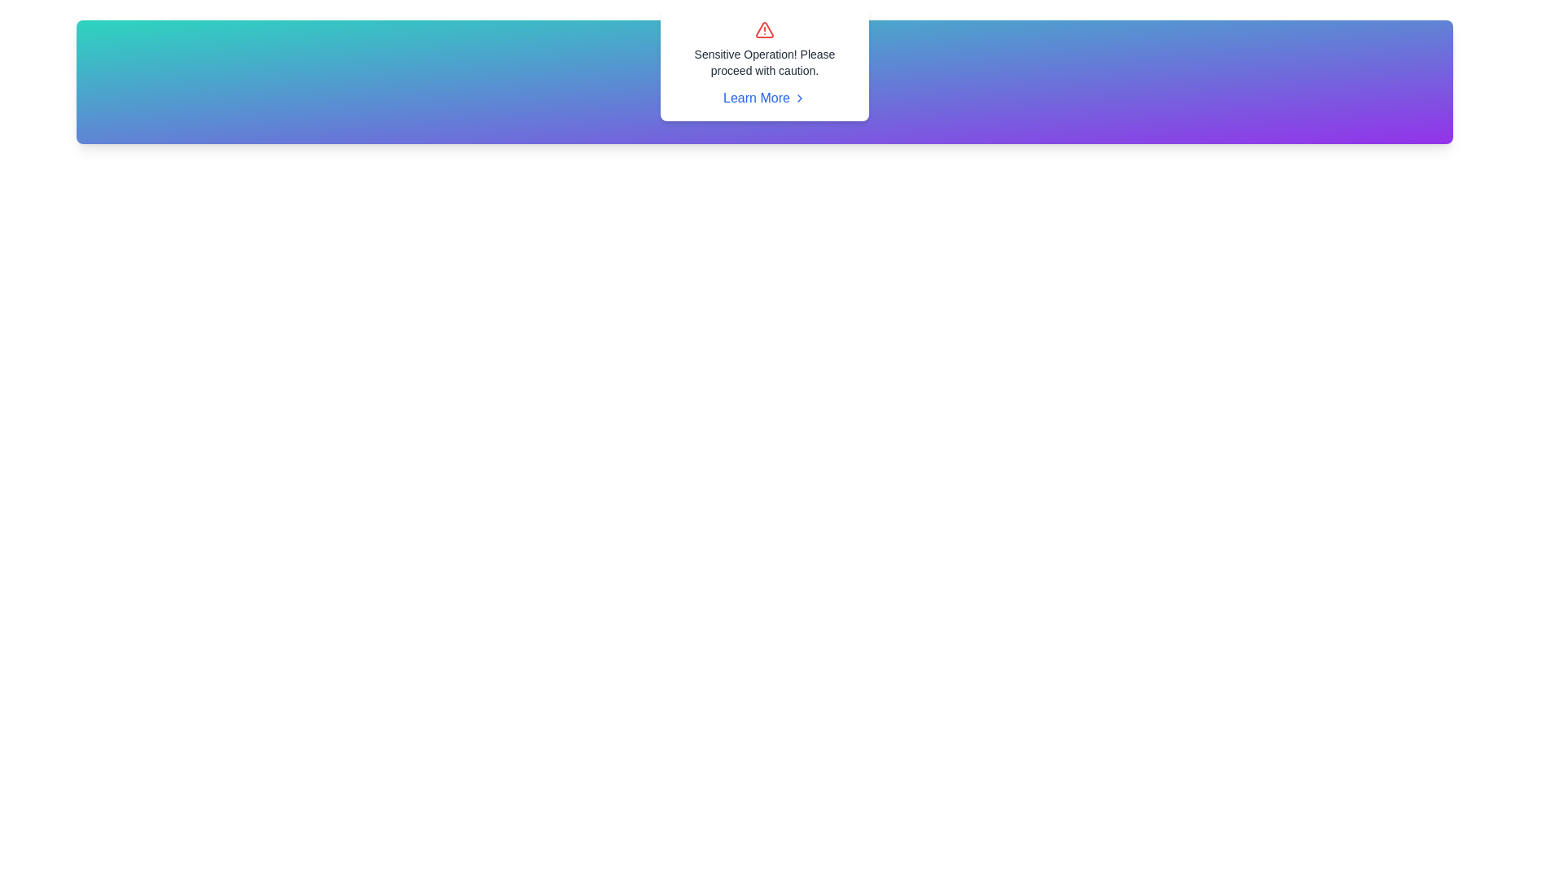 This screenshot has width=1564, height=879. What do you see at coordinates (764, 101) in the screenshot?
I see `the 'Learn More' hyperlink with an arrow icon, which is styled in blue and underlines on hover, located centrally in the pop-up alert box following the text 'Sensitive Operation! Please proceed with caution.'` at bounding box center [764, 101].